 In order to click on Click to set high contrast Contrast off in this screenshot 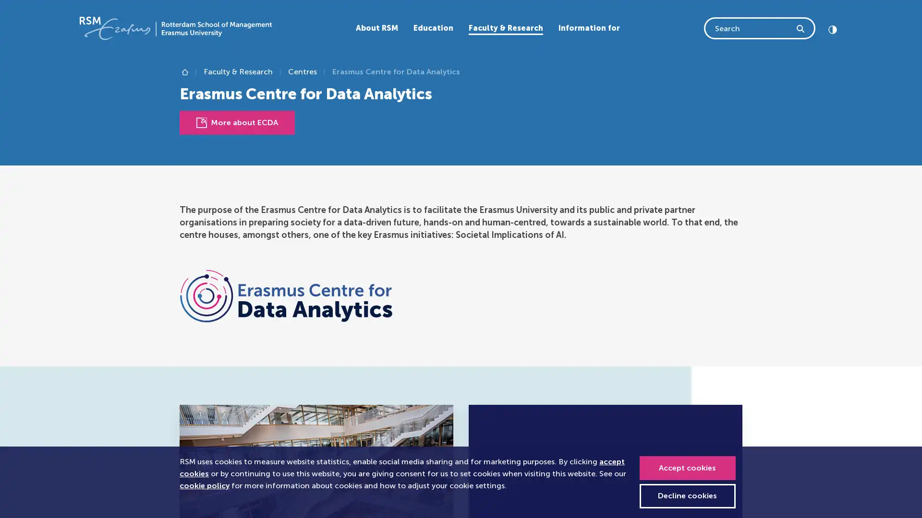, I will do `click(832, 27)`.